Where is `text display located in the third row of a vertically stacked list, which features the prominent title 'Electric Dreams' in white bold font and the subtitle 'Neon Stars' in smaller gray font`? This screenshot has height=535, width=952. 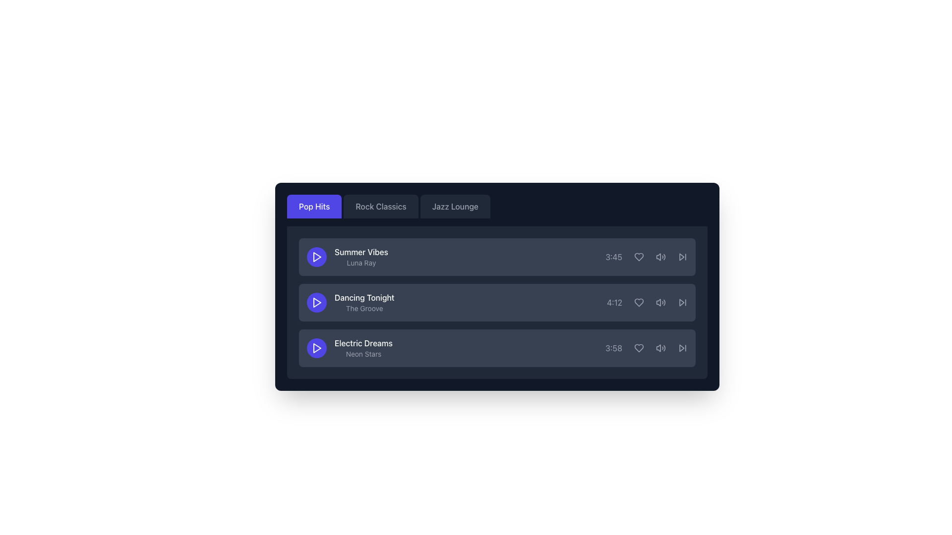 text display located in the third row of a vertically stacked list, which features the prominent title 'Electric Dreams' in white bold font and the subtitle 'Neon Stars' in smaller gray font is located at coordinates (363, 347).